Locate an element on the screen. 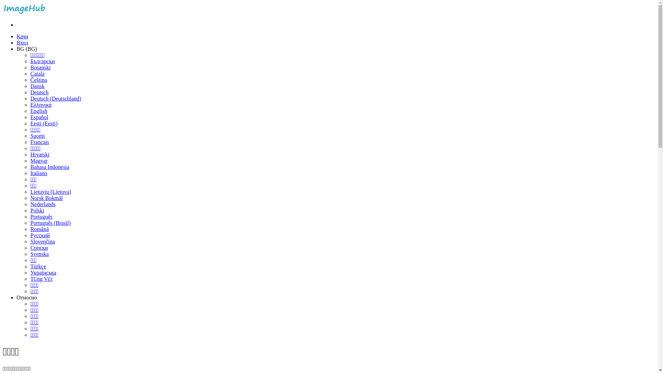  'Bahasa Indonesia' is located at coordinates (30, 167).